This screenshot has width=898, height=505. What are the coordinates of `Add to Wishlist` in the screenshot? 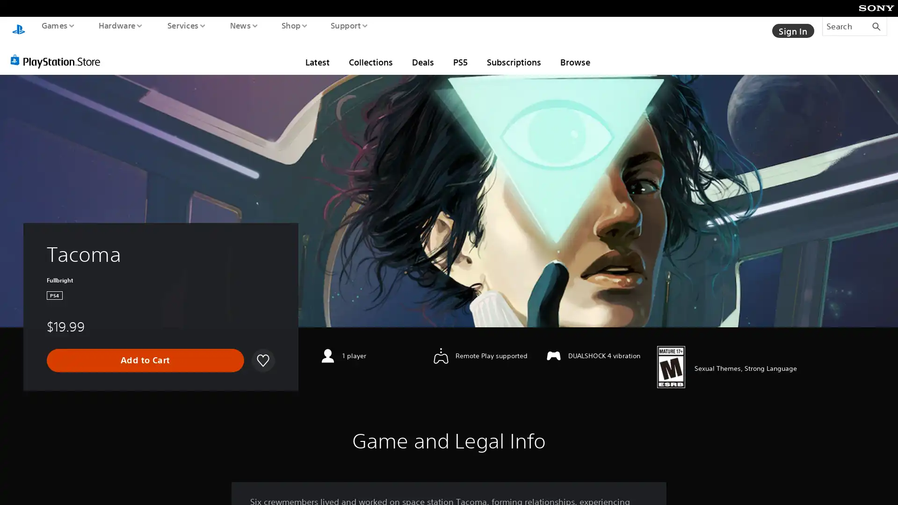 It's located at (262, 352).